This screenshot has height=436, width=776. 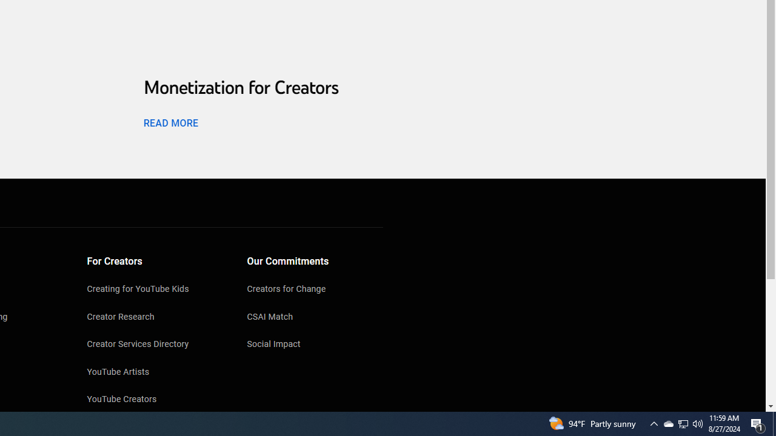 I want to click on 'Creator Research', so click(x=155, y=317).